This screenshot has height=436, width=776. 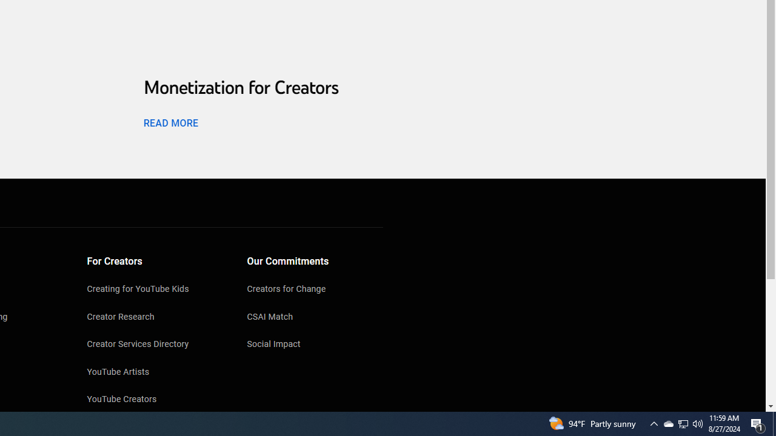 I want to click on 'Creator Research', so click(x=155, y=317).